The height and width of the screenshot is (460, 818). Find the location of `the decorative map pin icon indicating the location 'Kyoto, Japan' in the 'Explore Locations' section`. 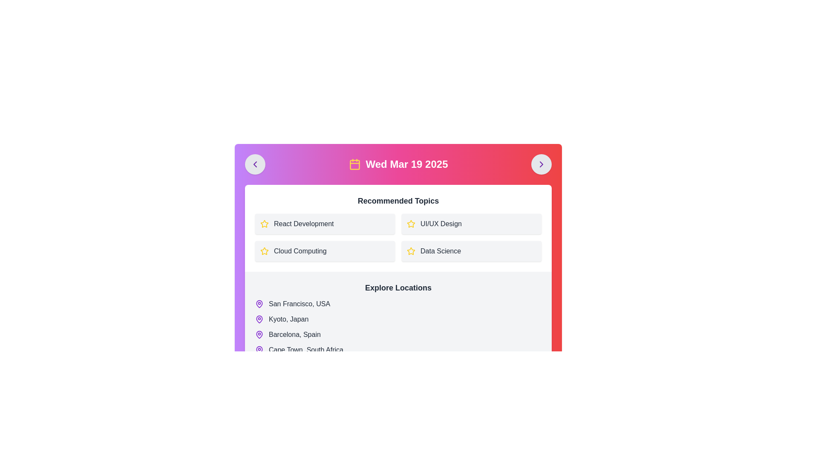

the decorative map pin icon indicating the location 'Kyoto, Japan' in the 'Explore Locations' section is located at coordinates (259, 319).